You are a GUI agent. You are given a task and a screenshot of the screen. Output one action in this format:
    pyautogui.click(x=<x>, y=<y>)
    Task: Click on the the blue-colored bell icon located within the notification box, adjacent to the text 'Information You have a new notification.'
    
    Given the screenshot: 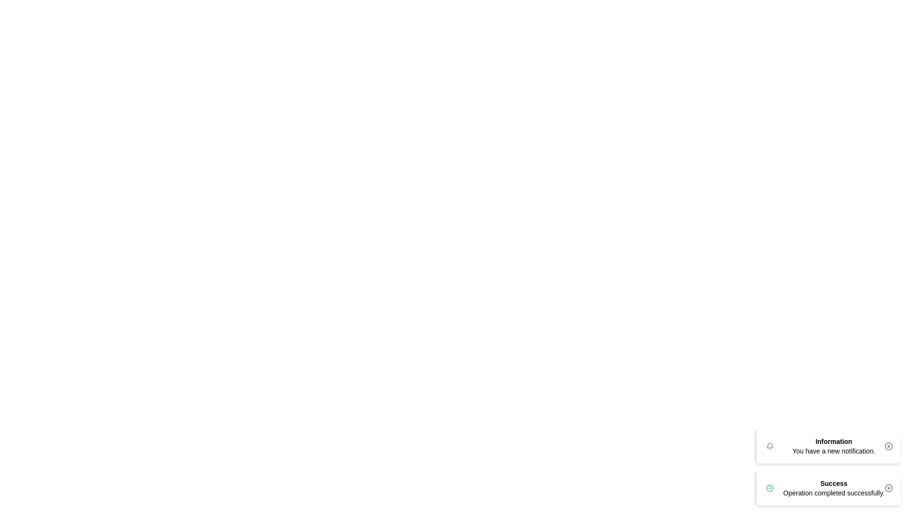 What is the action you would take?
    pyautogui.click(x=770, y=446)
    